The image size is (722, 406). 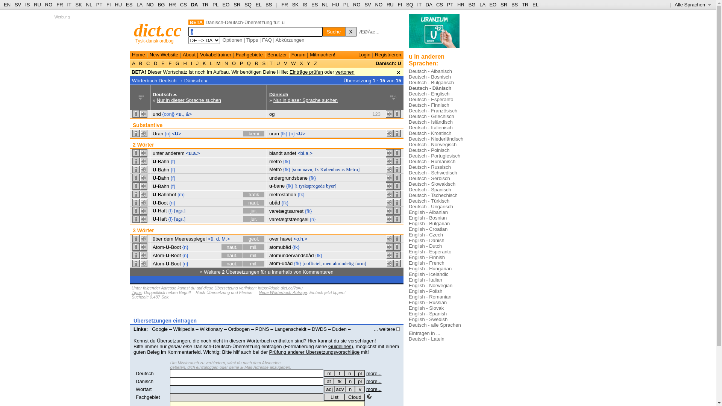 I want to click on 'English - Finnish', so click(x=426, y=257).